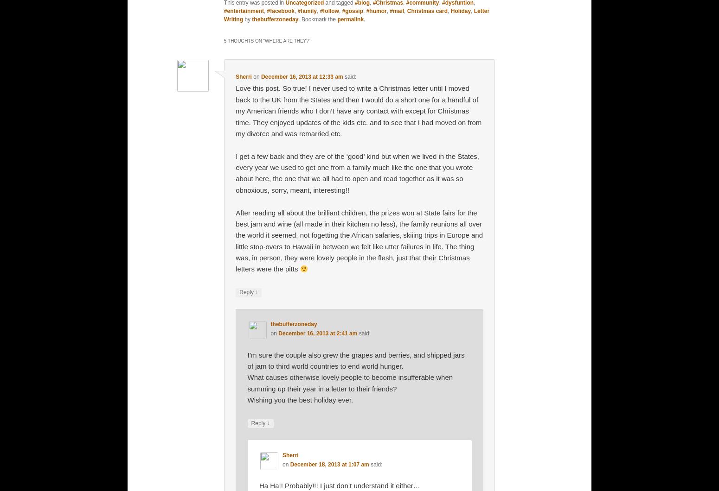 This screenshot has height=491, width=719. What do you see at coordinates (244, 40) in the screenshot?
I see `'5 thoughts on “'` at bounding box center [244, 40].